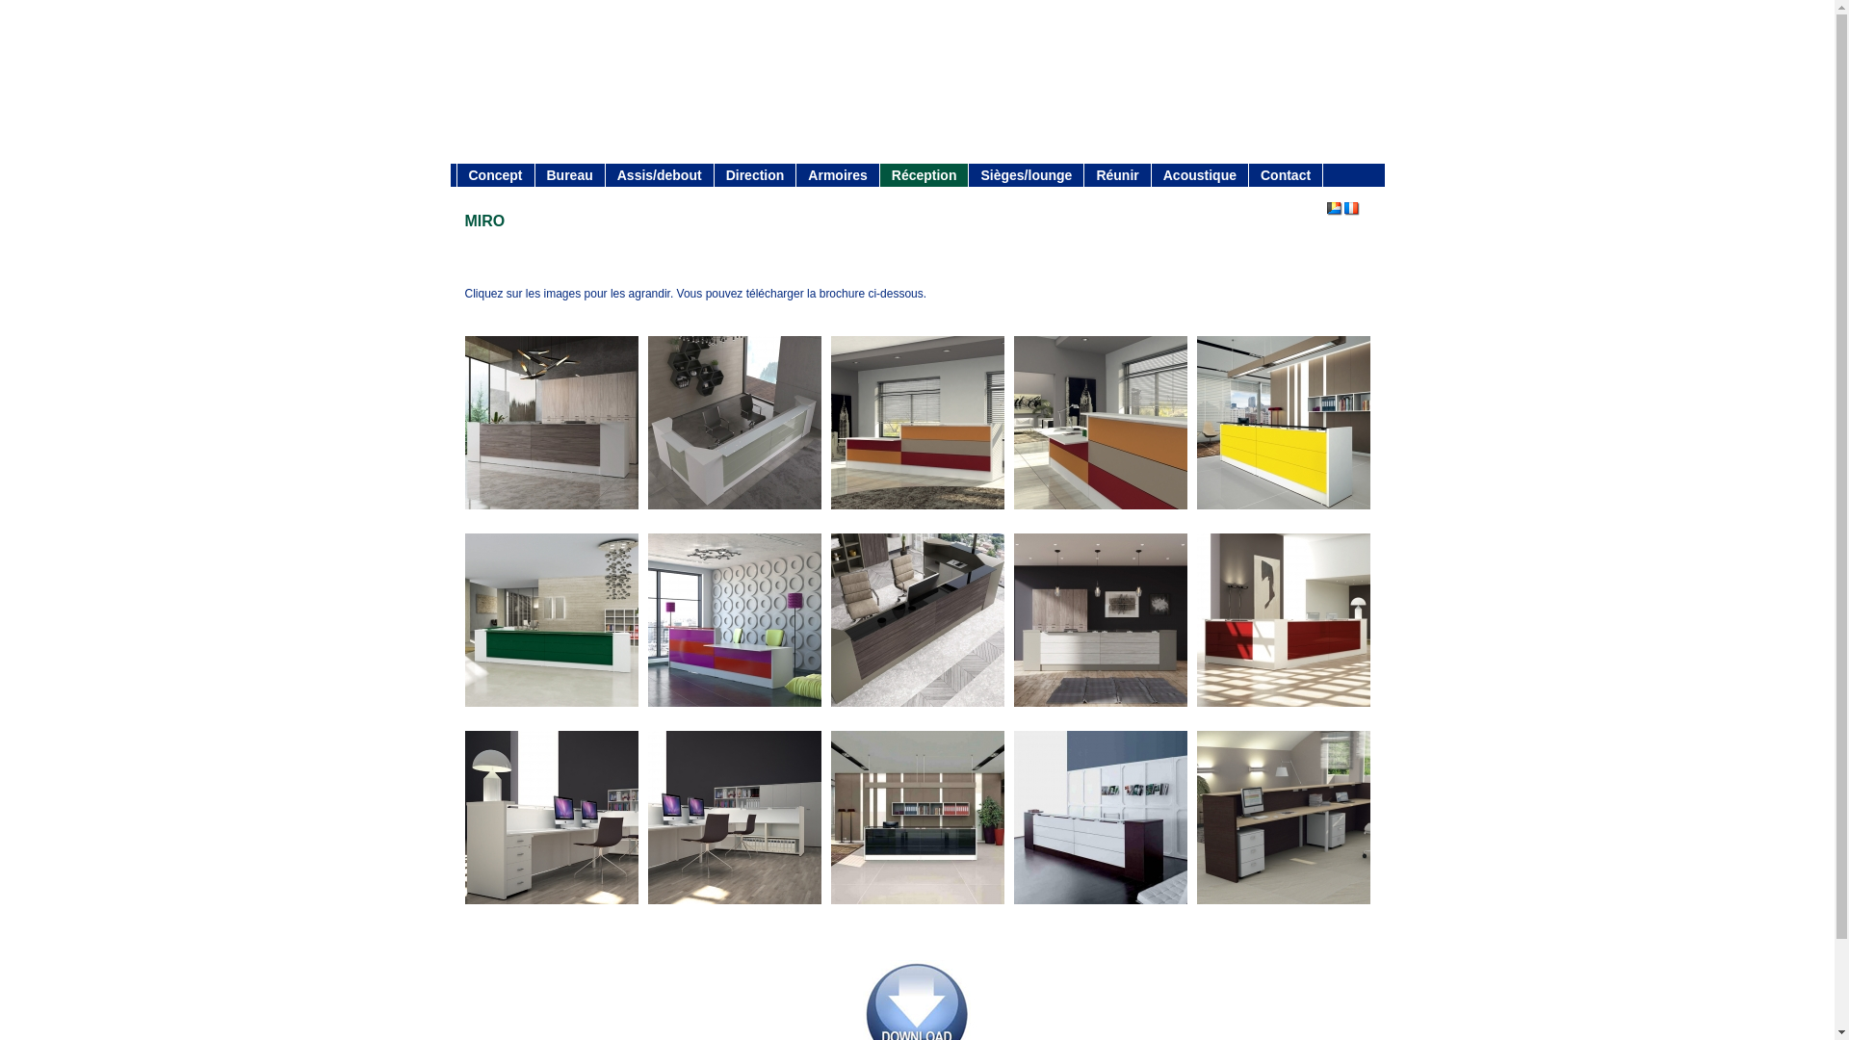  What do you see at coordinates (1198, 174) in the screenshot?
I see `'Acoustique'` at bounding box center [1198, 174].